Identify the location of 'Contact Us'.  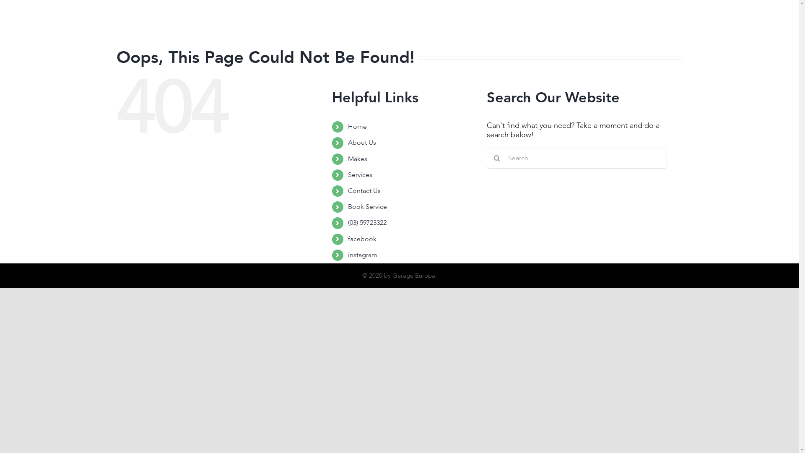
(481, 21).